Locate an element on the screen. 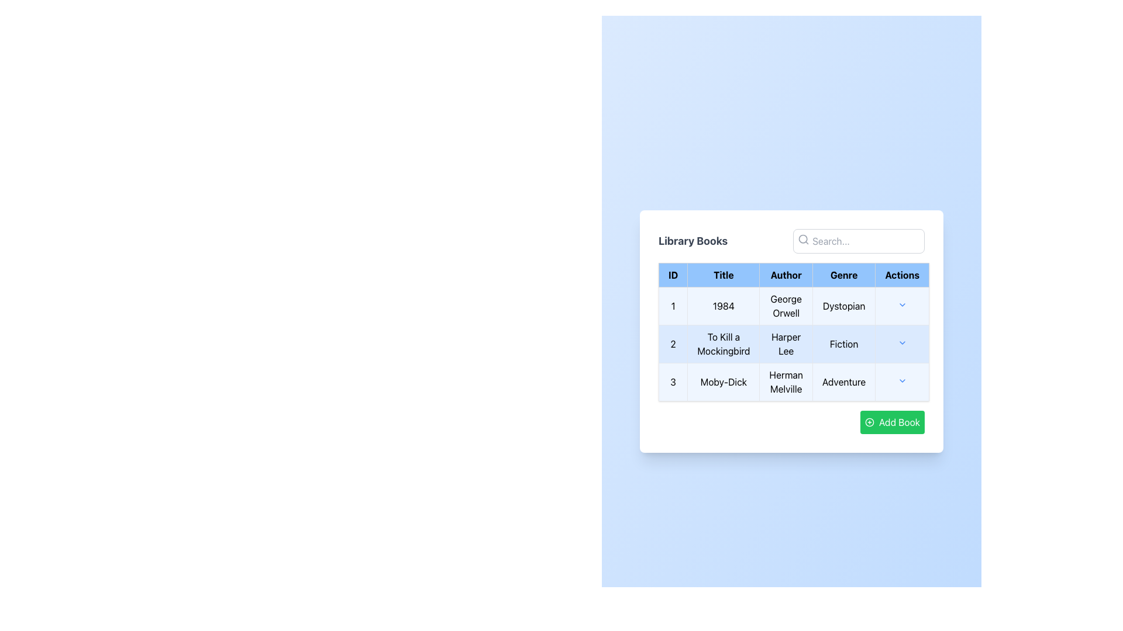 Image resolution: width=1123 pixels, height=631 pixels. the first row is located at coordinates (794, 305).